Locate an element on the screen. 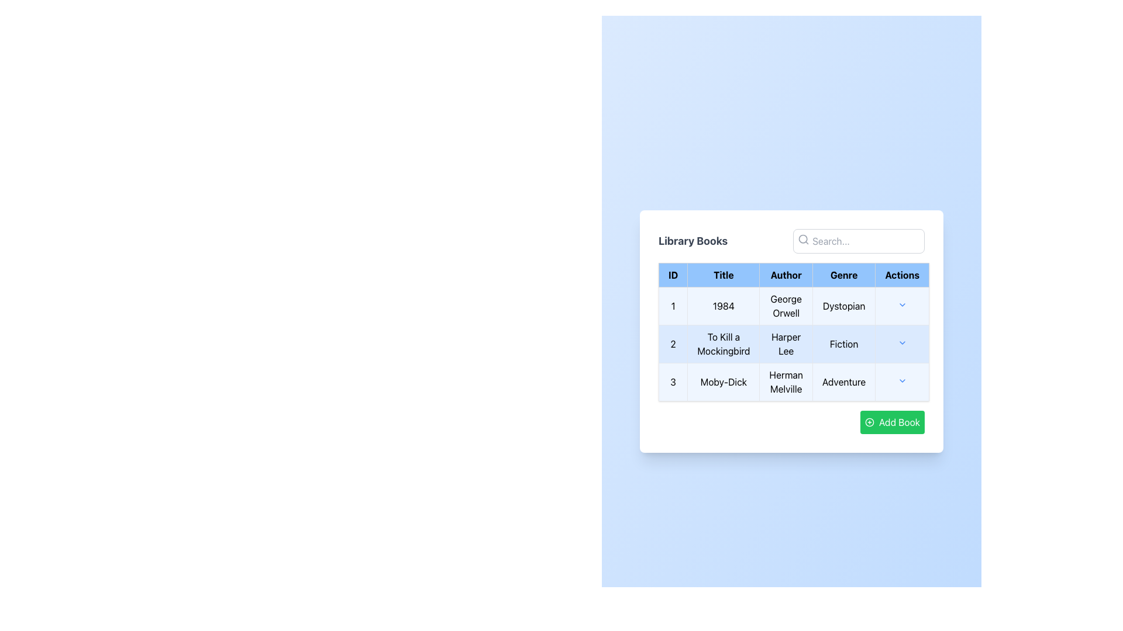 Image resolution: width=1123 pixels, height=631 pixels. the first row is located at coordinates (794, 305).